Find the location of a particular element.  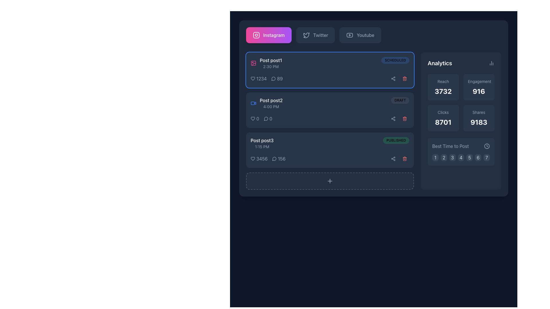

the trash can icon button is located at coordinates (404, 159).